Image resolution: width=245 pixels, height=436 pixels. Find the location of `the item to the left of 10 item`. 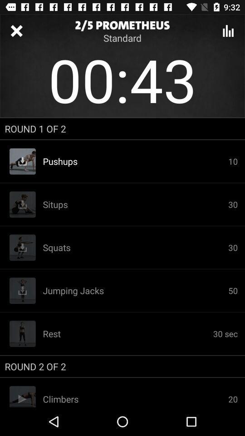

the item to the left of 10 item is located at coordinates (135, 204).